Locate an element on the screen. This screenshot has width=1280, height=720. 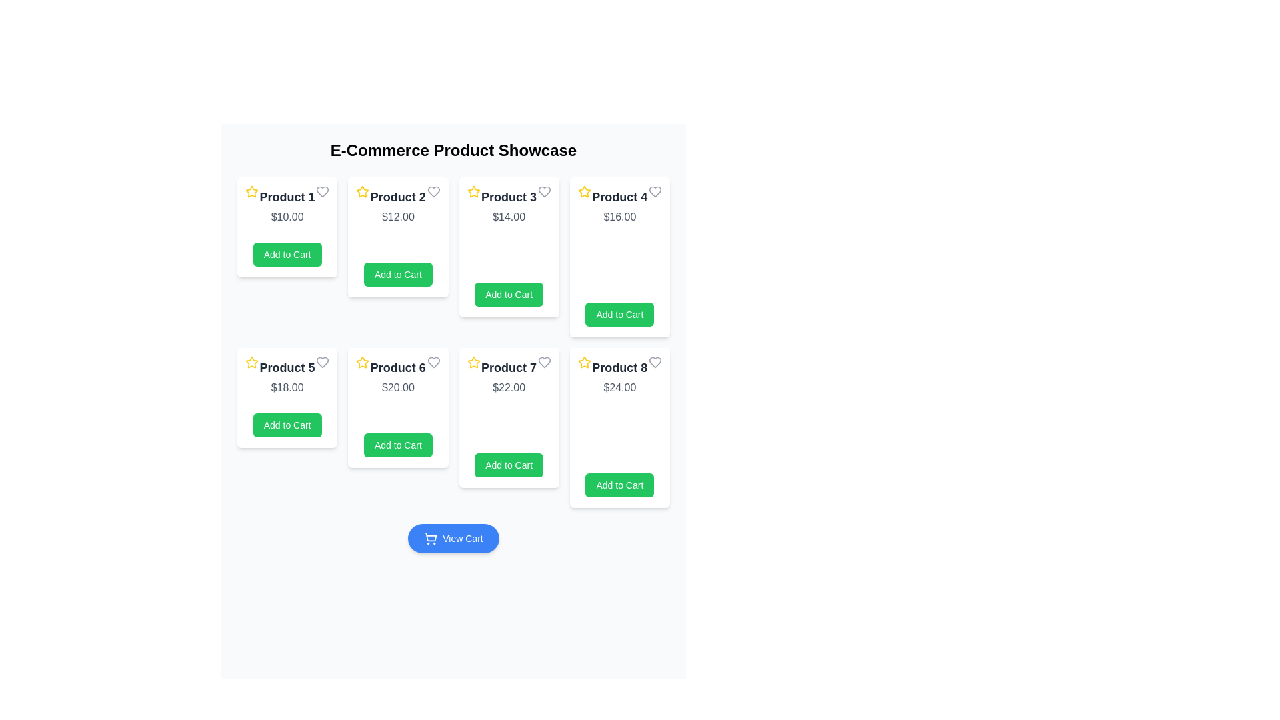
the 'Add to Cart' button located below the price of 'Product 5' is located at coordinates (287, 425).